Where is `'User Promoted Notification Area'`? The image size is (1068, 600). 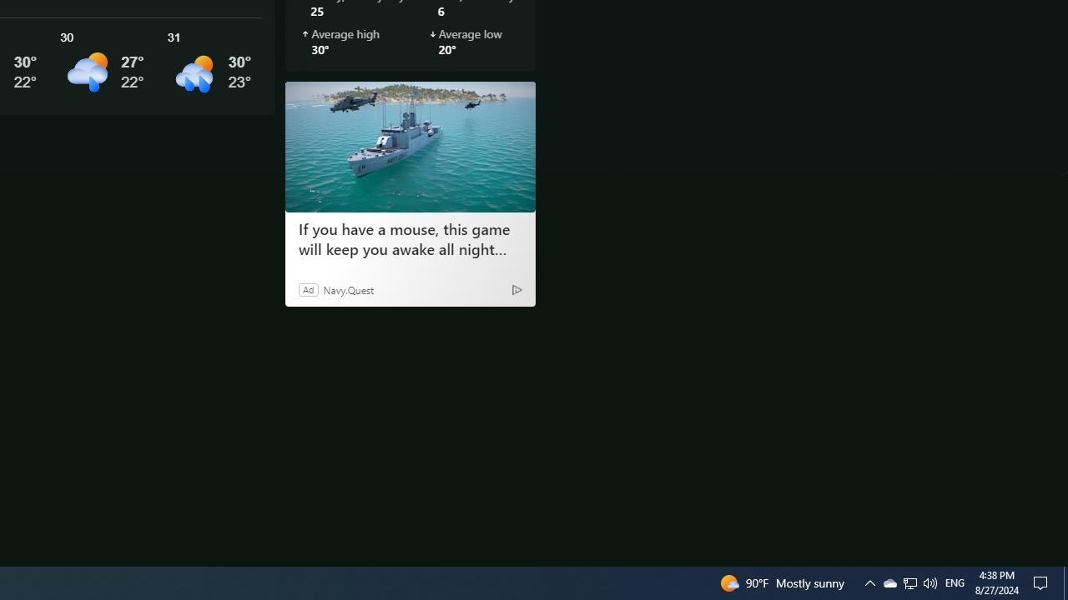
'User Promoted Notification Area' is located at coordinates (889, 582).